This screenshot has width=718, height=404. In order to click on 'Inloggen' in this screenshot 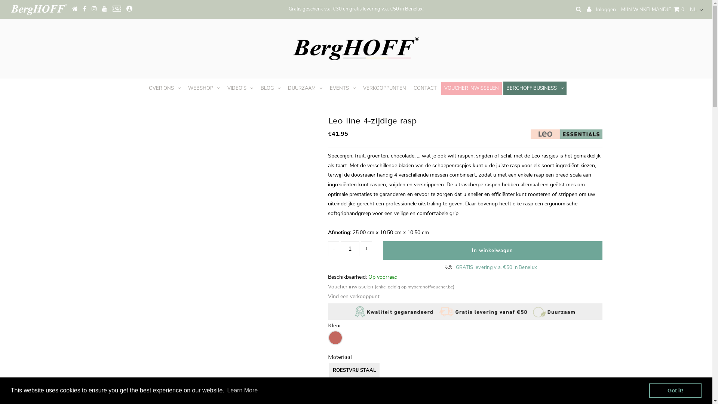, I will do `click(586, 9)`.